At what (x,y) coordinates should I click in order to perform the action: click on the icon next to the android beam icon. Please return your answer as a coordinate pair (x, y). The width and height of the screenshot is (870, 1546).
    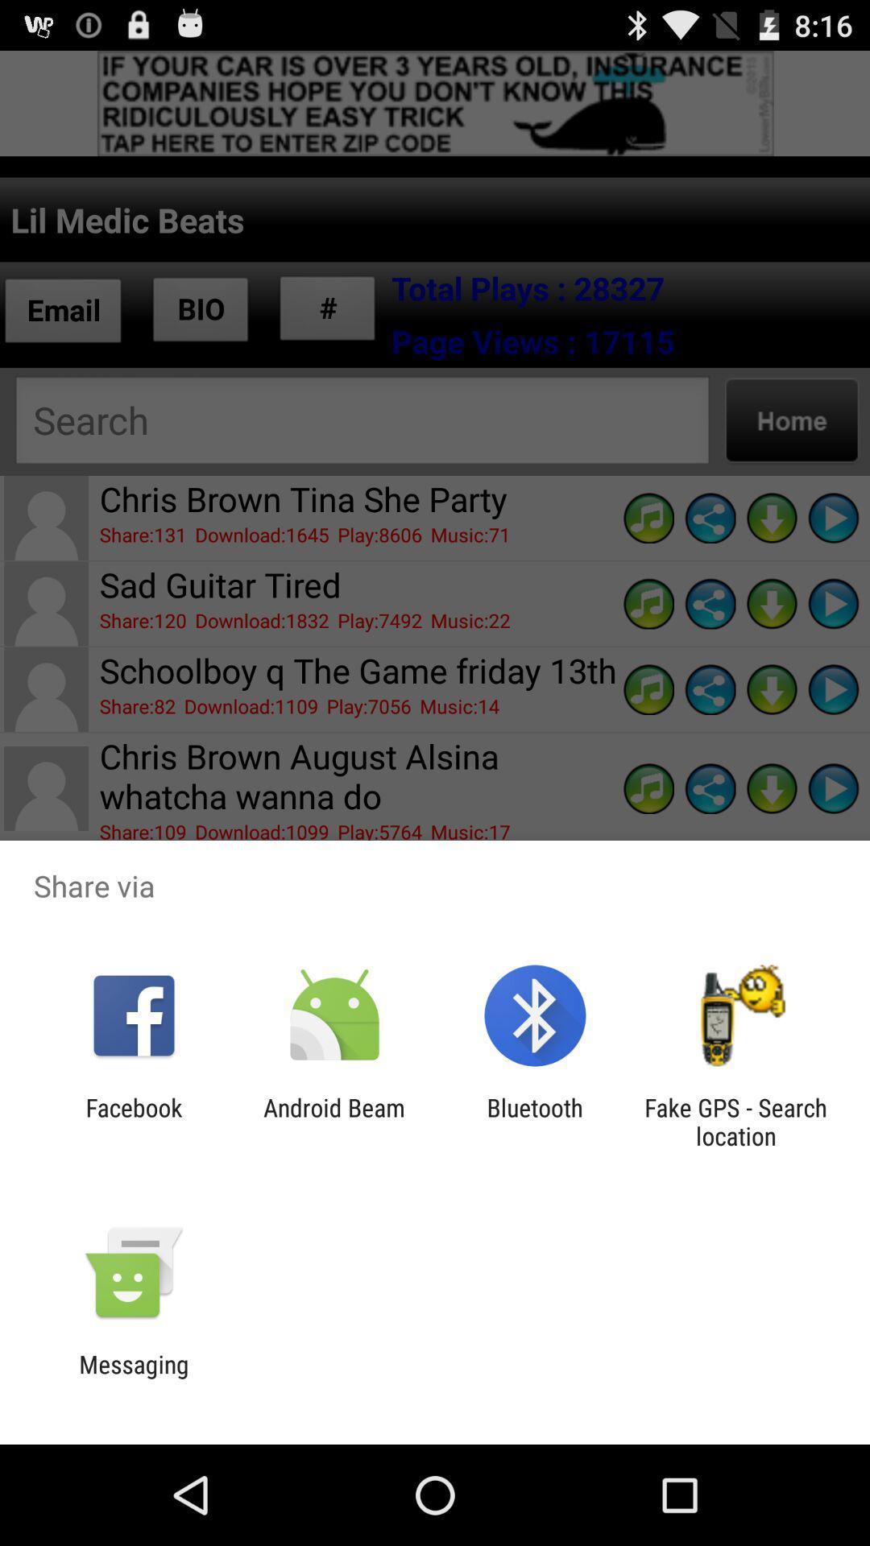
    Looking at the image, I should click on (133, 1121).